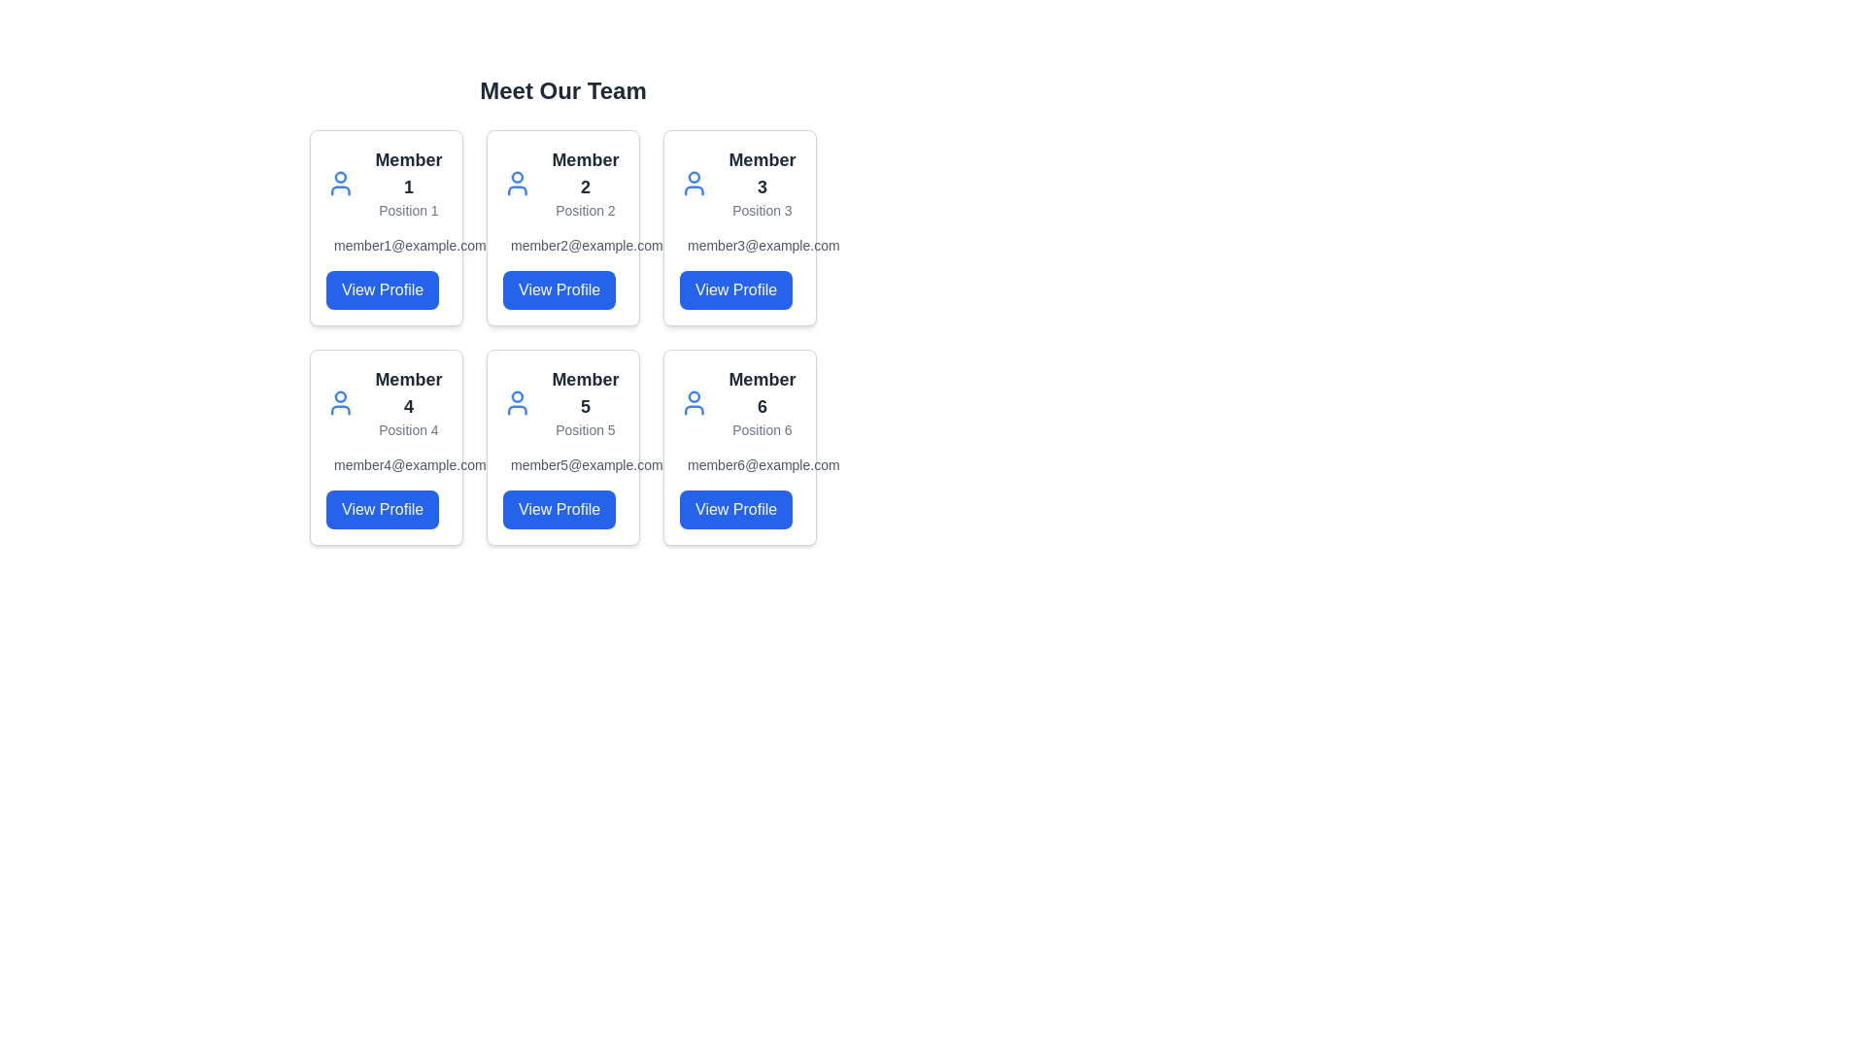 The height and width of the screenshot is (1049, 1865). Describe the element at coordinates (584, 393) in the screenshot. I see `the text label displaying 'Member 5', which is located in the bottom row, middle column of the grid layout and is styled in large bold dark gray font` at that location.